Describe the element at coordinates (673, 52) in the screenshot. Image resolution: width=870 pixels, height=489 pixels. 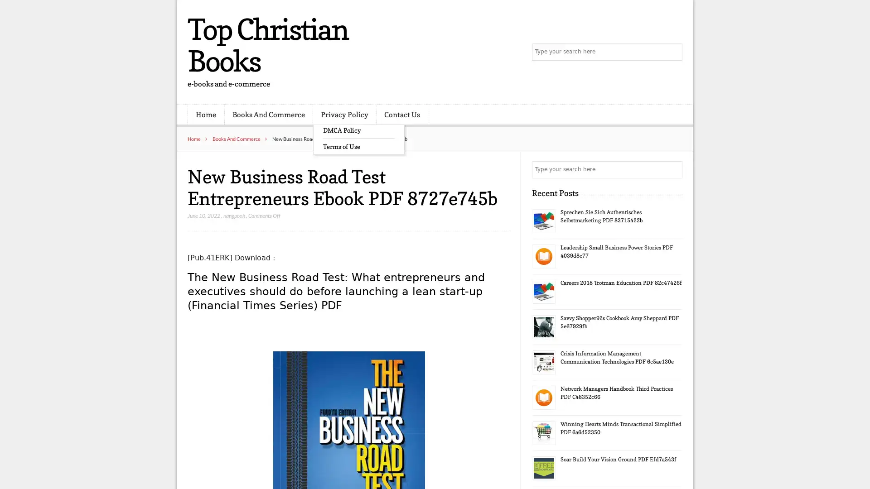
I see `Search` at that location.